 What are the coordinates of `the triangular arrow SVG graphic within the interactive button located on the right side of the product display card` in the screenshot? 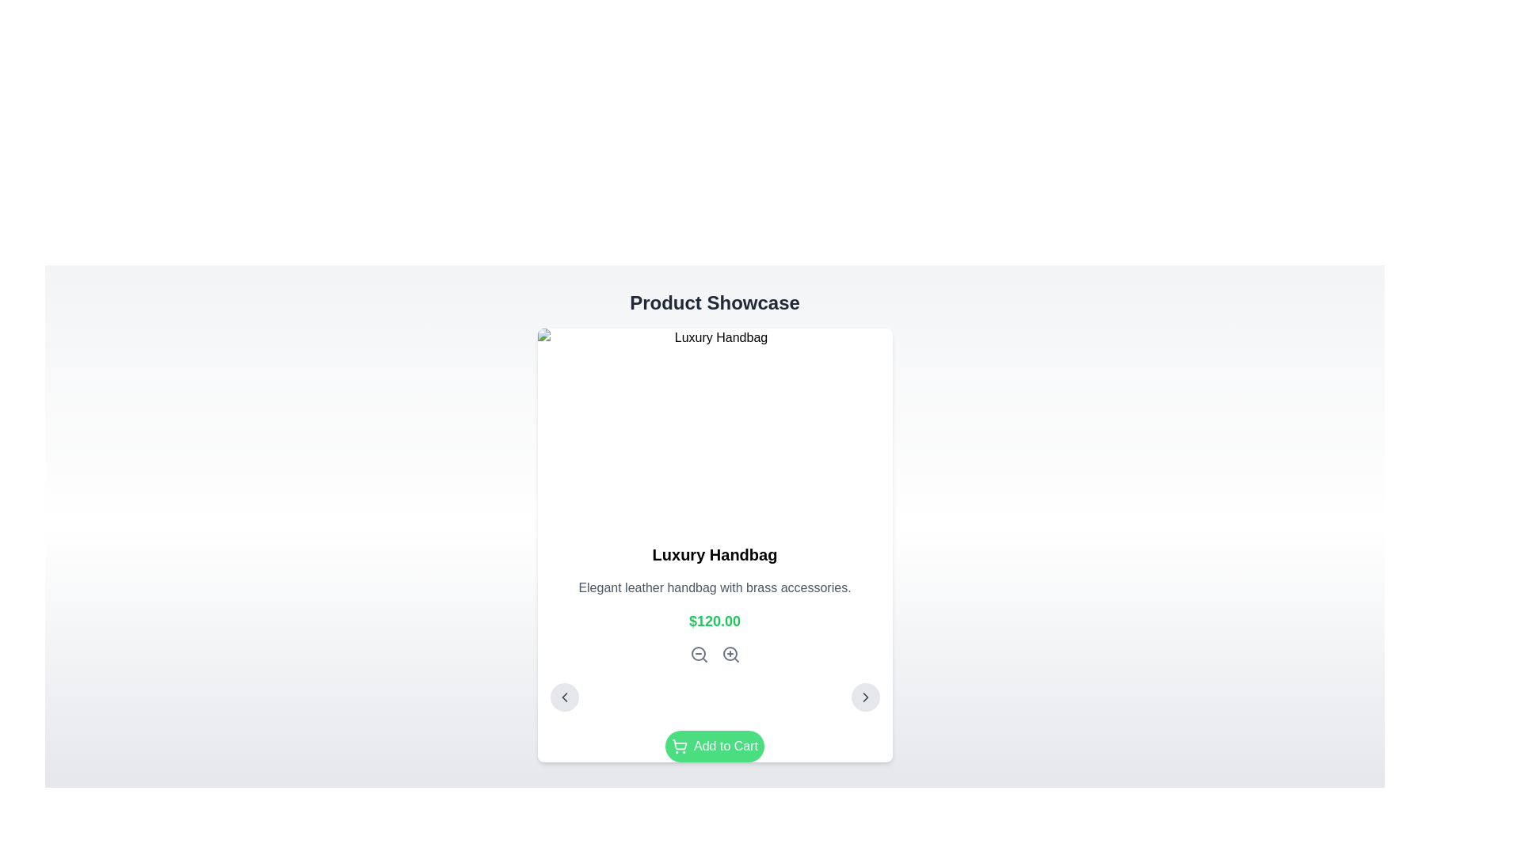 It's located at (564, 696).